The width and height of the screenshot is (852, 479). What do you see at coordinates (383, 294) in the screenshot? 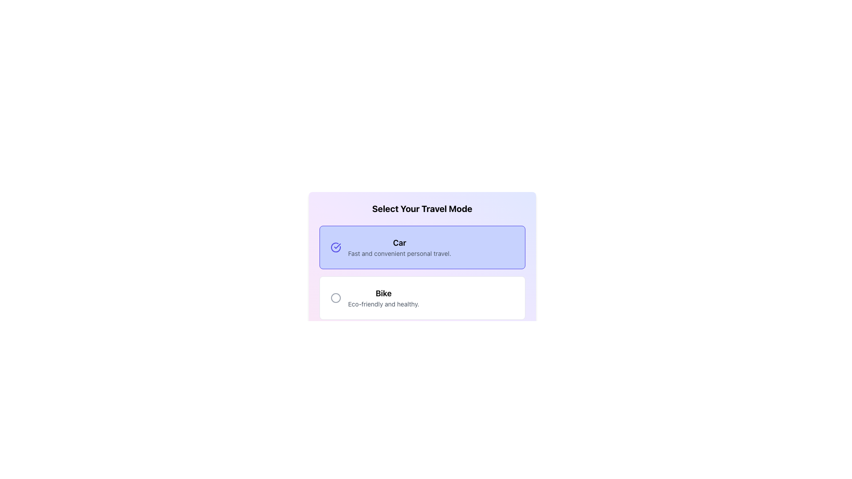
I see `bold text label 'Bike' located within the selection box under the header 'Select Your Travel Mode', positioned above the descriptive text 'Eco-friendly and healthy'` at bounding box center [383, 294].